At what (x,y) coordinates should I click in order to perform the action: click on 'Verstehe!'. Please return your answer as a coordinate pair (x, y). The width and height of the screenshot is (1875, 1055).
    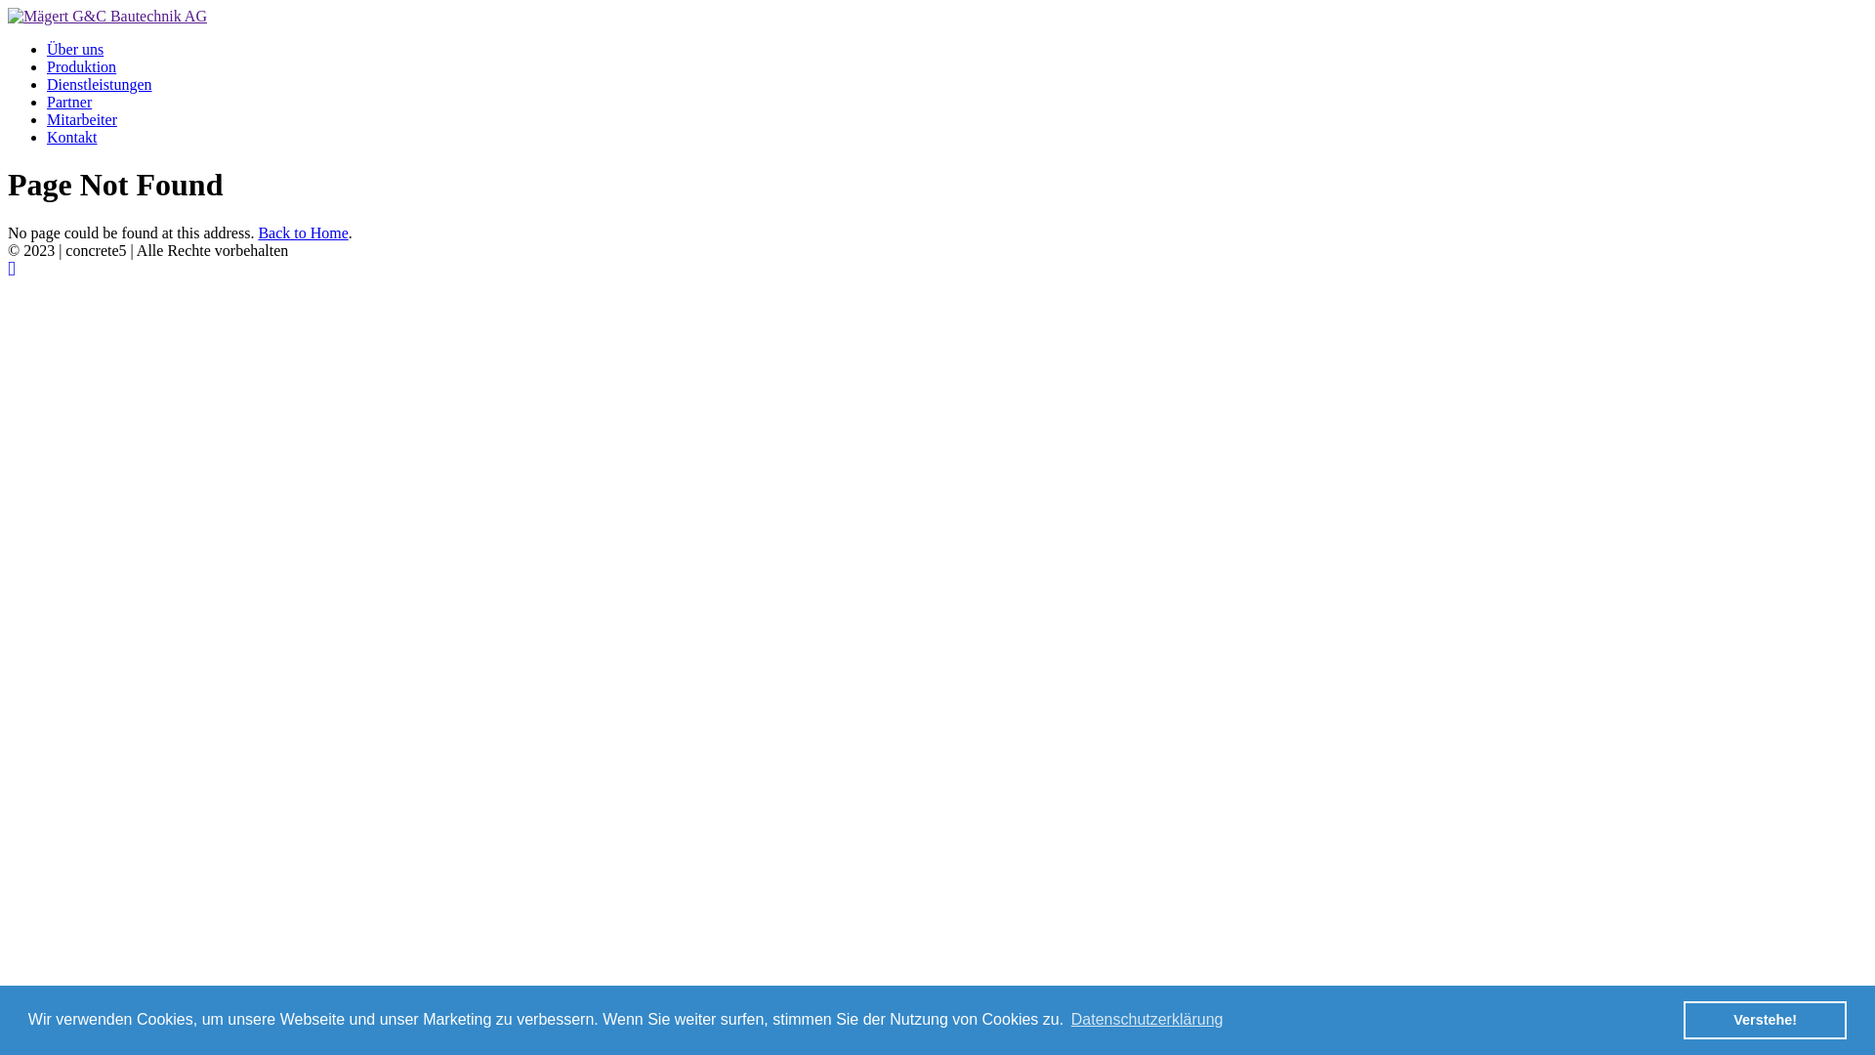
    Looking at the image, I should click on (1765, 1019).